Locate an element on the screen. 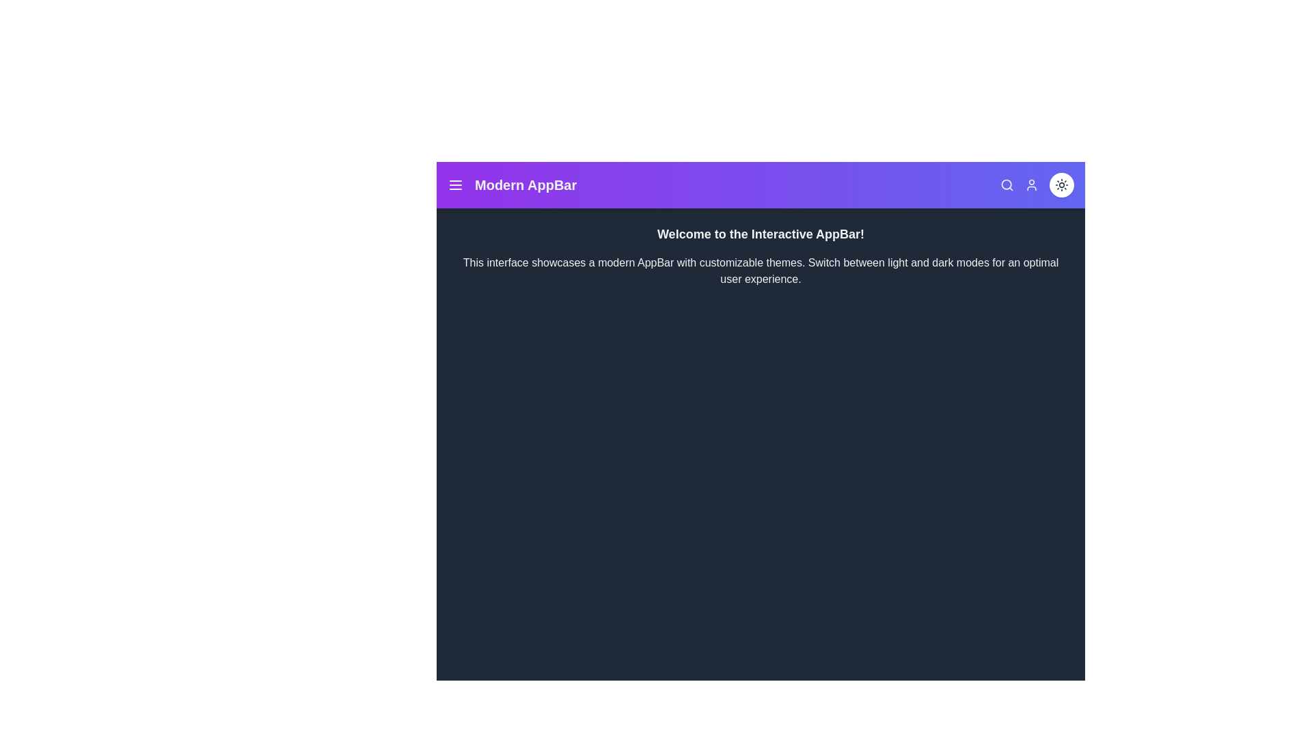 The width and height of the screenshot is (1312, 738). theme toggle button to switch between light and dark modes is located at coordinates (1061, 184).